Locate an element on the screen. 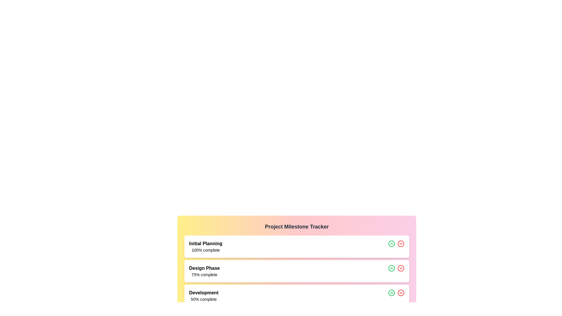 Image resolution: width=562 pixels, height=316 pixels. the second button in the button group located in the top-right corner of the second milestone row in the project tracker interface is located at coordinates (400, 244).